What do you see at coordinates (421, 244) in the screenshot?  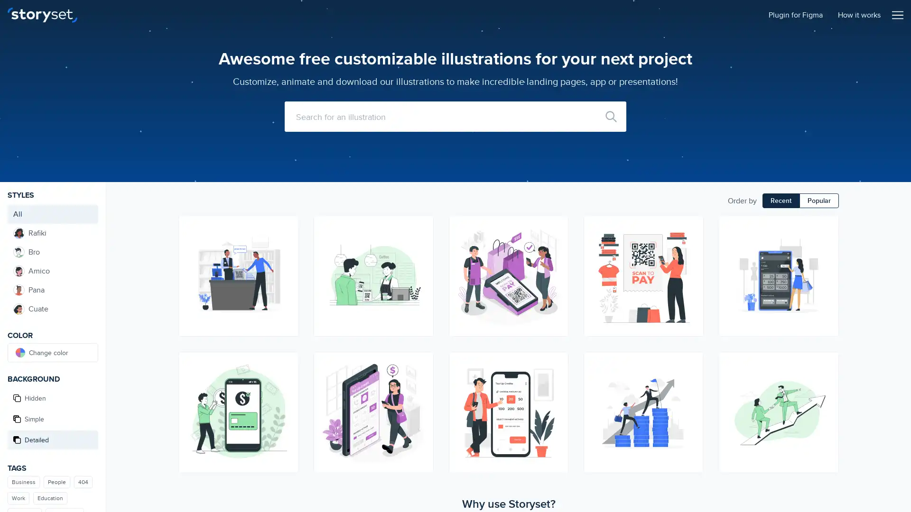 I see `download icon Download` at bounding box center [421, 244].